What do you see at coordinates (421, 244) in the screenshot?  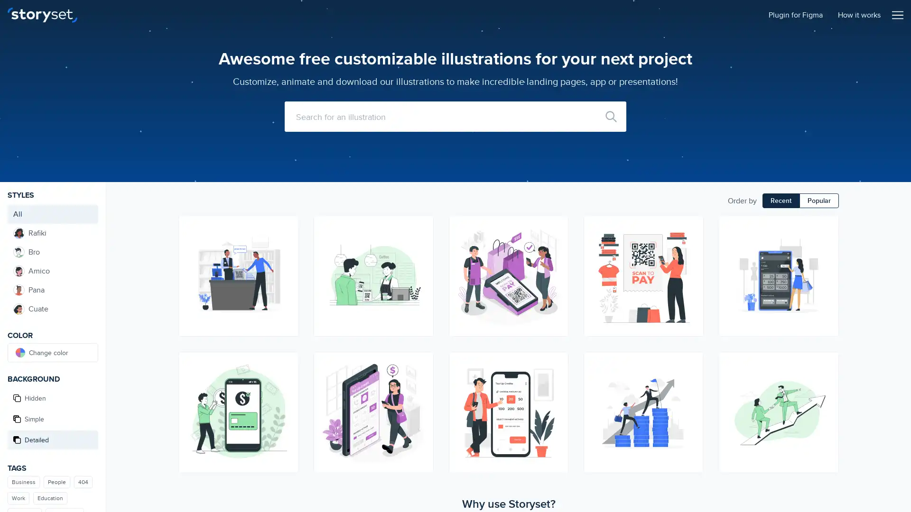 I see `download icon Download` at bounding box center [421, 244].